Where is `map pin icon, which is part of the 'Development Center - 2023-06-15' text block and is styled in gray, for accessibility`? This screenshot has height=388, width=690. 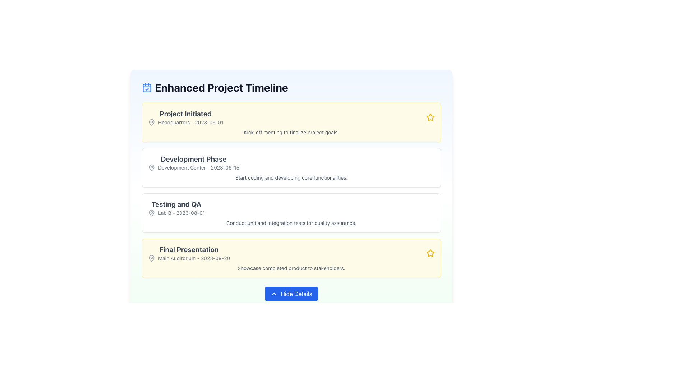
map pin icon, which is part of the 'Development Center - 2023-06-15' text block and is styled in gray, for accessibility is located at coordinates (151, 167).